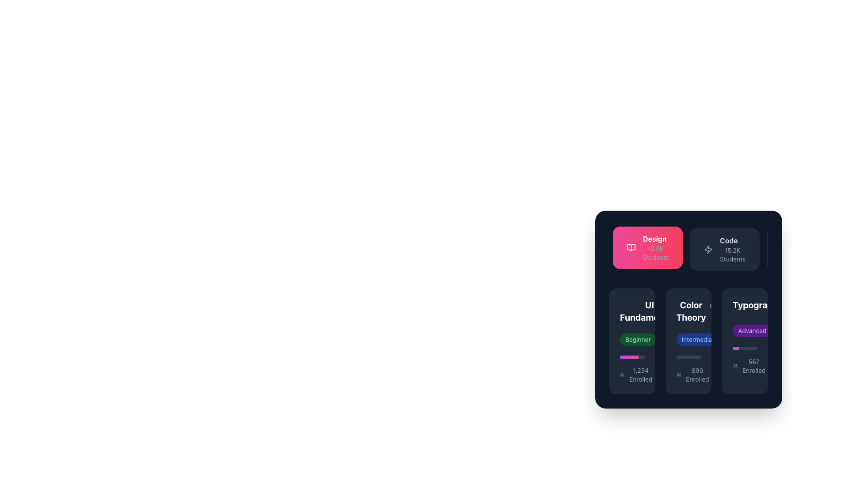 The image size is (849, 477). What do you see at coordinates (688, 357) in the screenshot?
I see `the visual changes of the progress bar located in the 'Color Theory' section, which indicates the intermediate course progress` at bounding box center [688, 357].